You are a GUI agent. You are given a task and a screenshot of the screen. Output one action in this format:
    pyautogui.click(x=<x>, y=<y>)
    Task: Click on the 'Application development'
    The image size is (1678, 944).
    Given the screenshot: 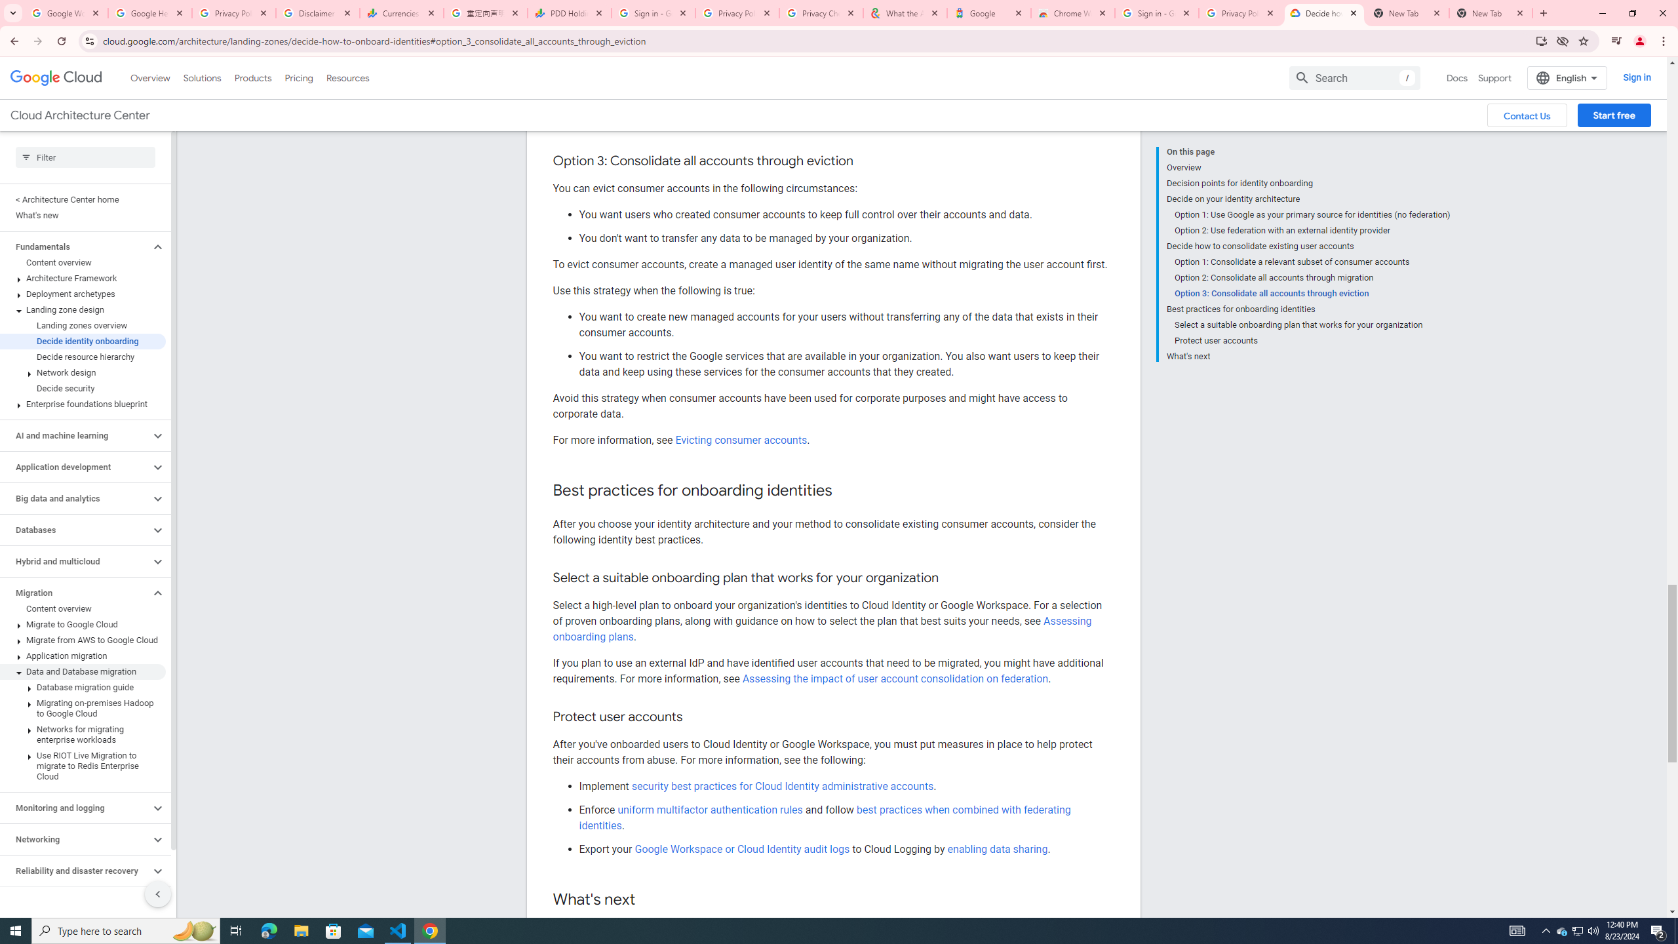 What is the action you would take?
    pyautogui.click(x=74, y=467)
    